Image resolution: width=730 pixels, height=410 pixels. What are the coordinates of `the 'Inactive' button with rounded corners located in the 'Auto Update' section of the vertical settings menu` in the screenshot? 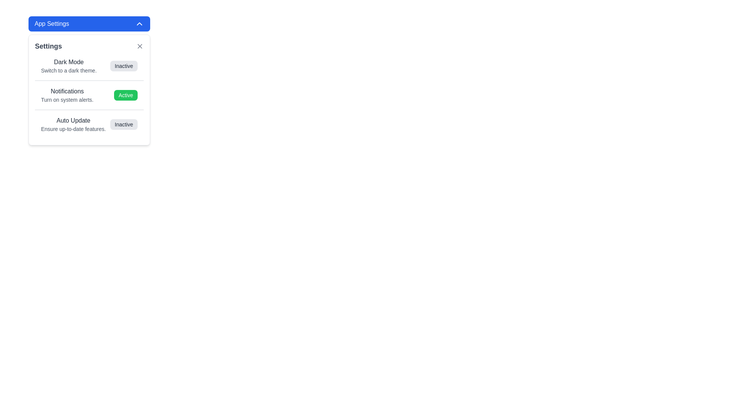 It's located at (124, 124).